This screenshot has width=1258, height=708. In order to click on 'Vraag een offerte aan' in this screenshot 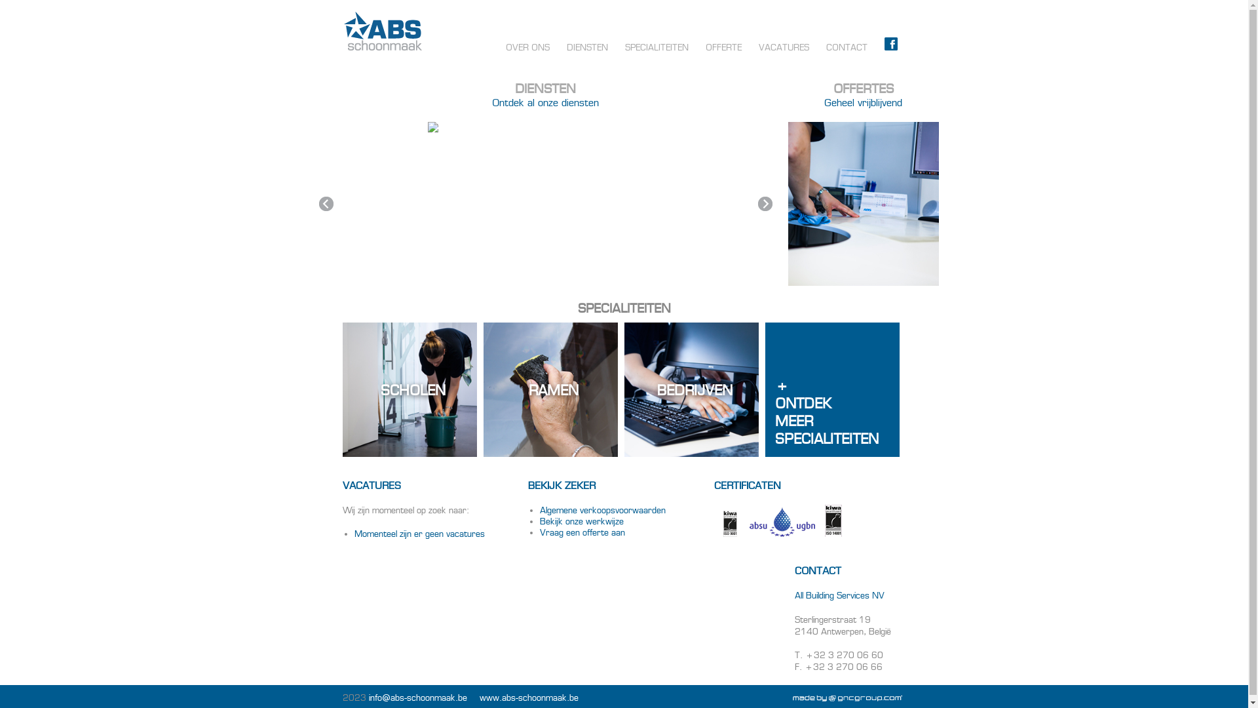, I will do `click(581, 532)`.